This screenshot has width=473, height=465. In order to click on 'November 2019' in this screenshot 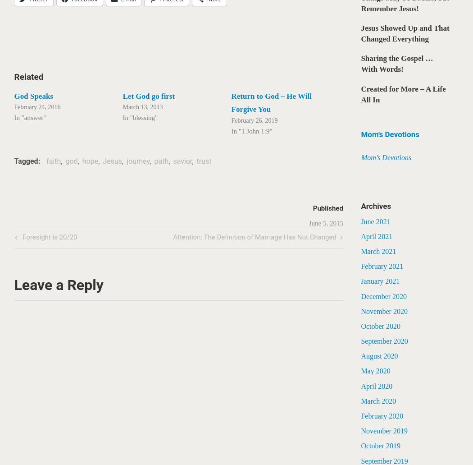, I will do `click(384, 430)`.